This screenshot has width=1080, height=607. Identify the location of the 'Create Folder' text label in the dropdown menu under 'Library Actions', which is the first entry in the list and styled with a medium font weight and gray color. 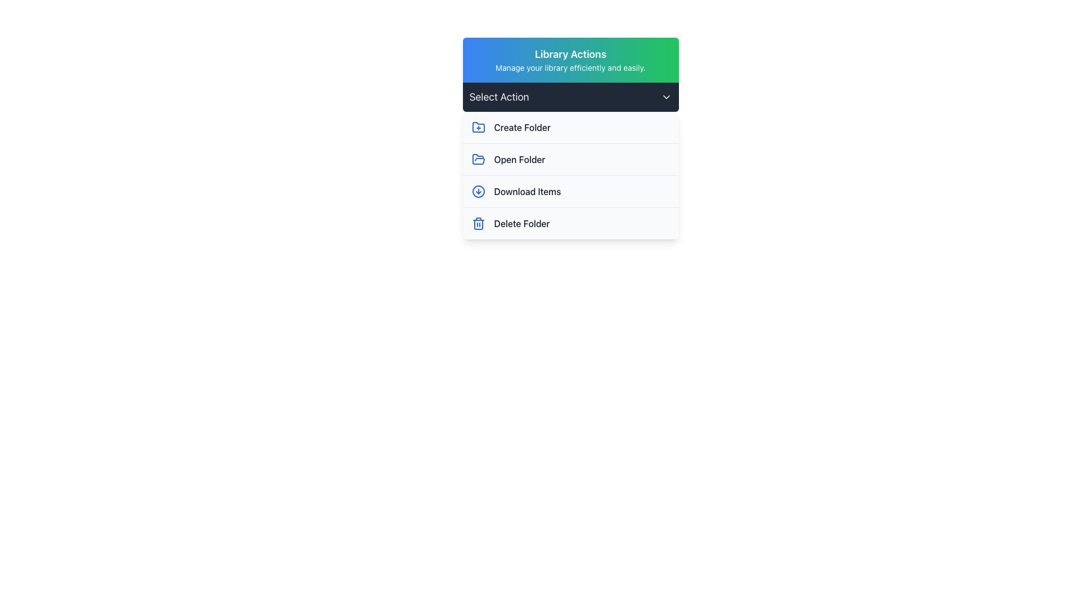
(521, 127).